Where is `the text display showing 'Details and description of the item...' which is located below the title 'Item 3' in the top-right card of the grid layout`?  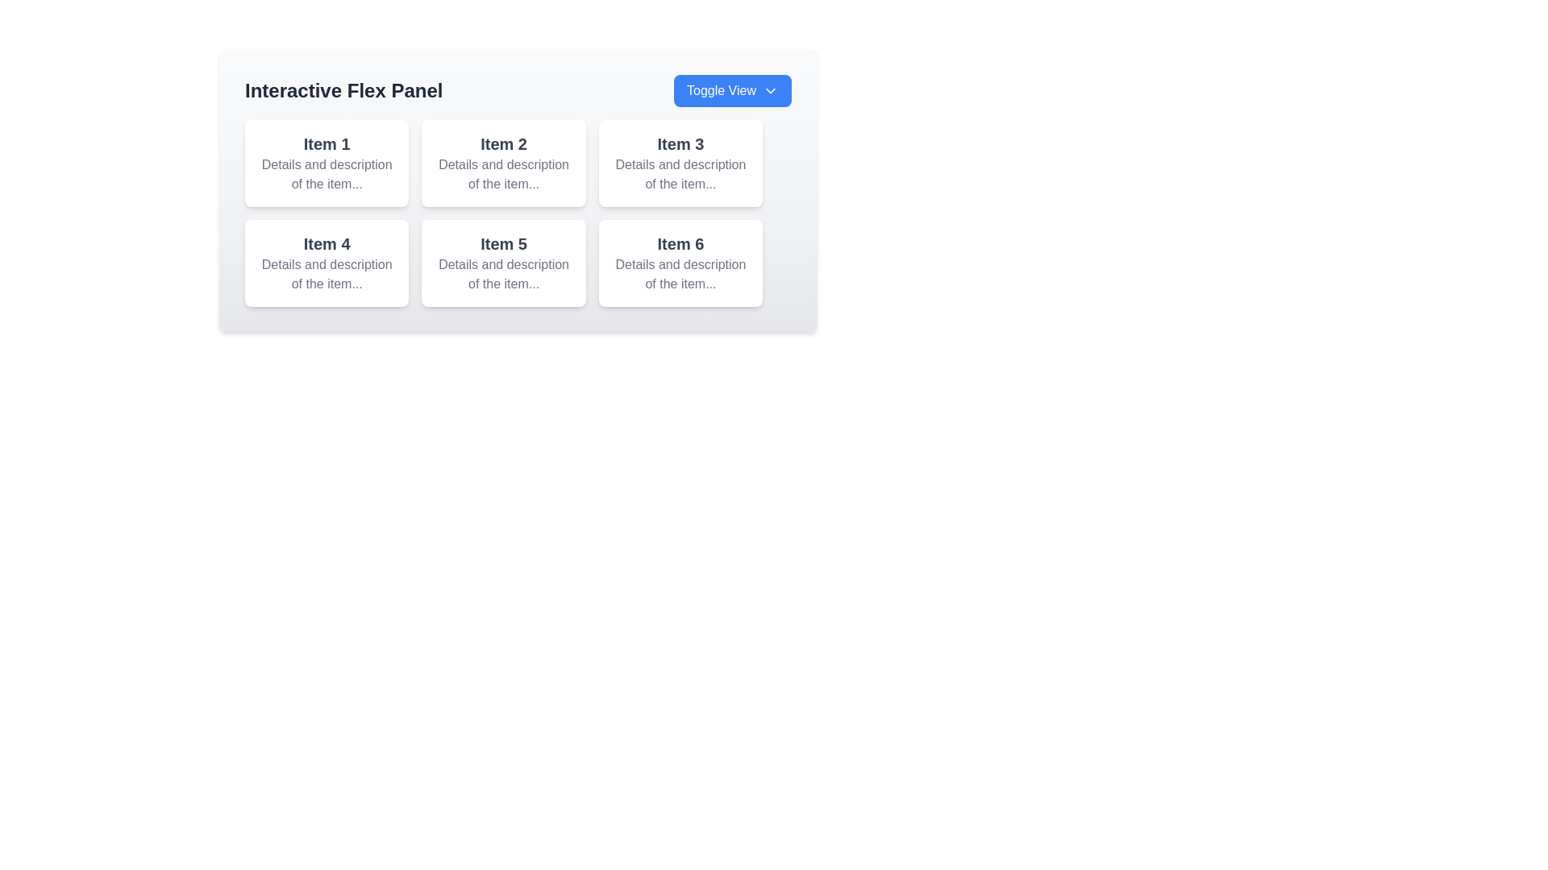
the text display showing 'Details and description of the item...' which is located below the title 'Item 3' in the top-right card of the grid layout is located at coordinates (680, 174).